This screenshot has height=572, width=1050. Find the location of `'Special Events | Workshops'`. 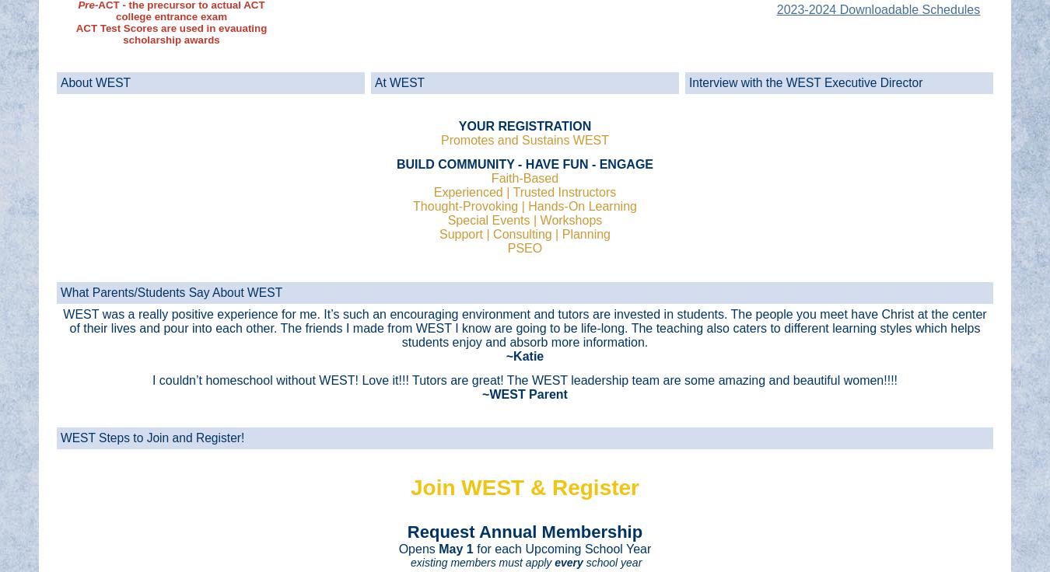

'Special Events | Workshops' is located at coordinates (524, 219).